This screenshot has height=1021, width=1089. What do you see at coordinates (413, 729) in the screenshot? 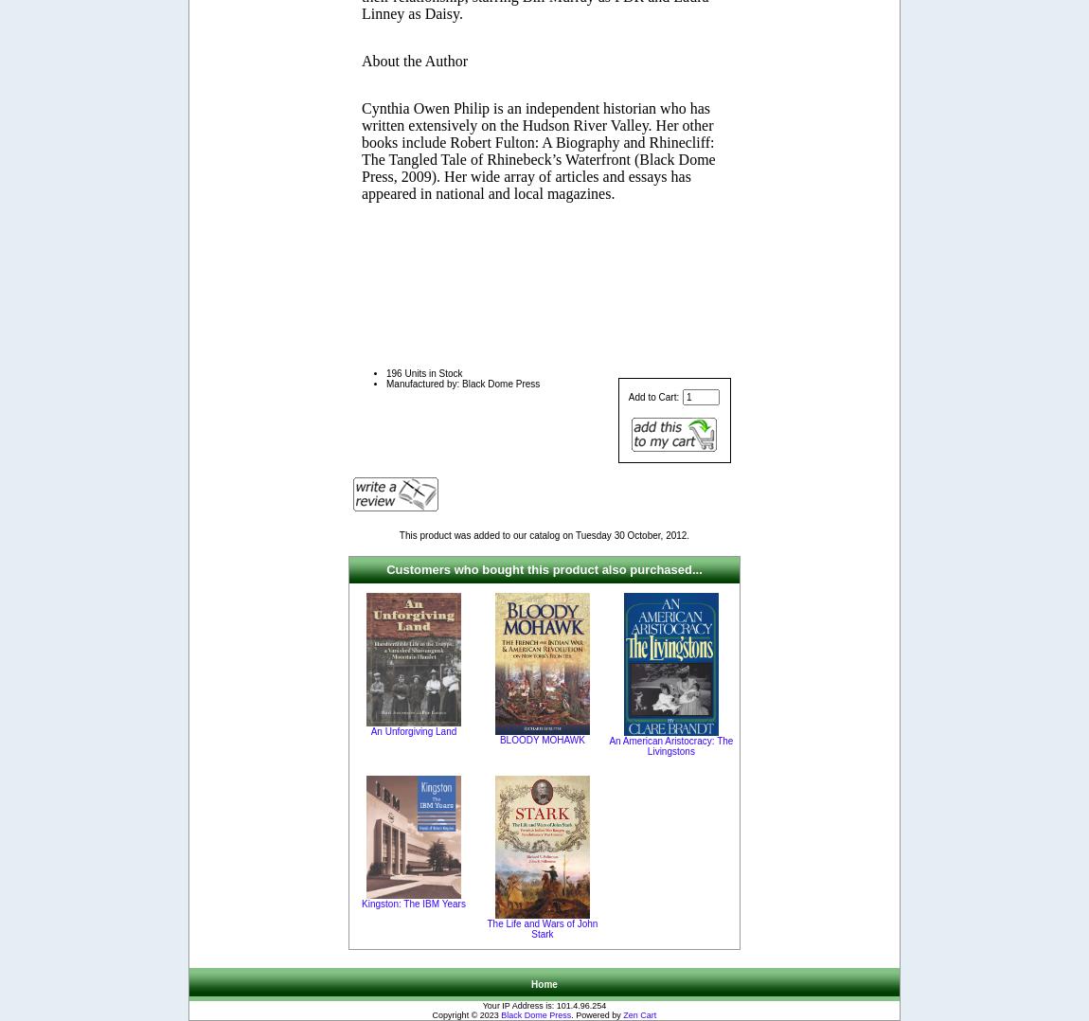
I see `'An Unforgiving Land'` at bounding box center [413, 729].